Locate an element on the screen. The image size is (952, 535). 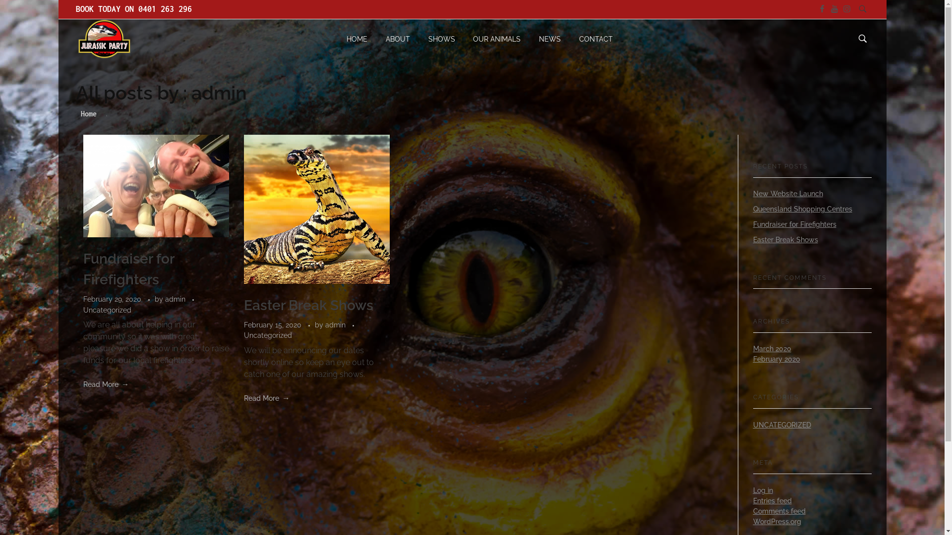
'Log in' is located at coordinates (762, 490).